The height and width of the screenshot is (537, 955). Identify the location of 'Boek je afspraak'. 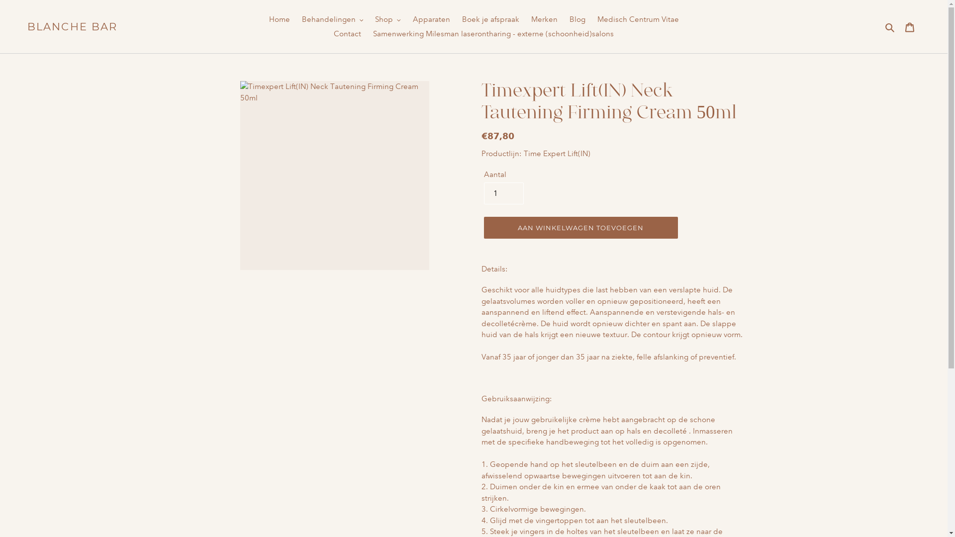
(456, 19).